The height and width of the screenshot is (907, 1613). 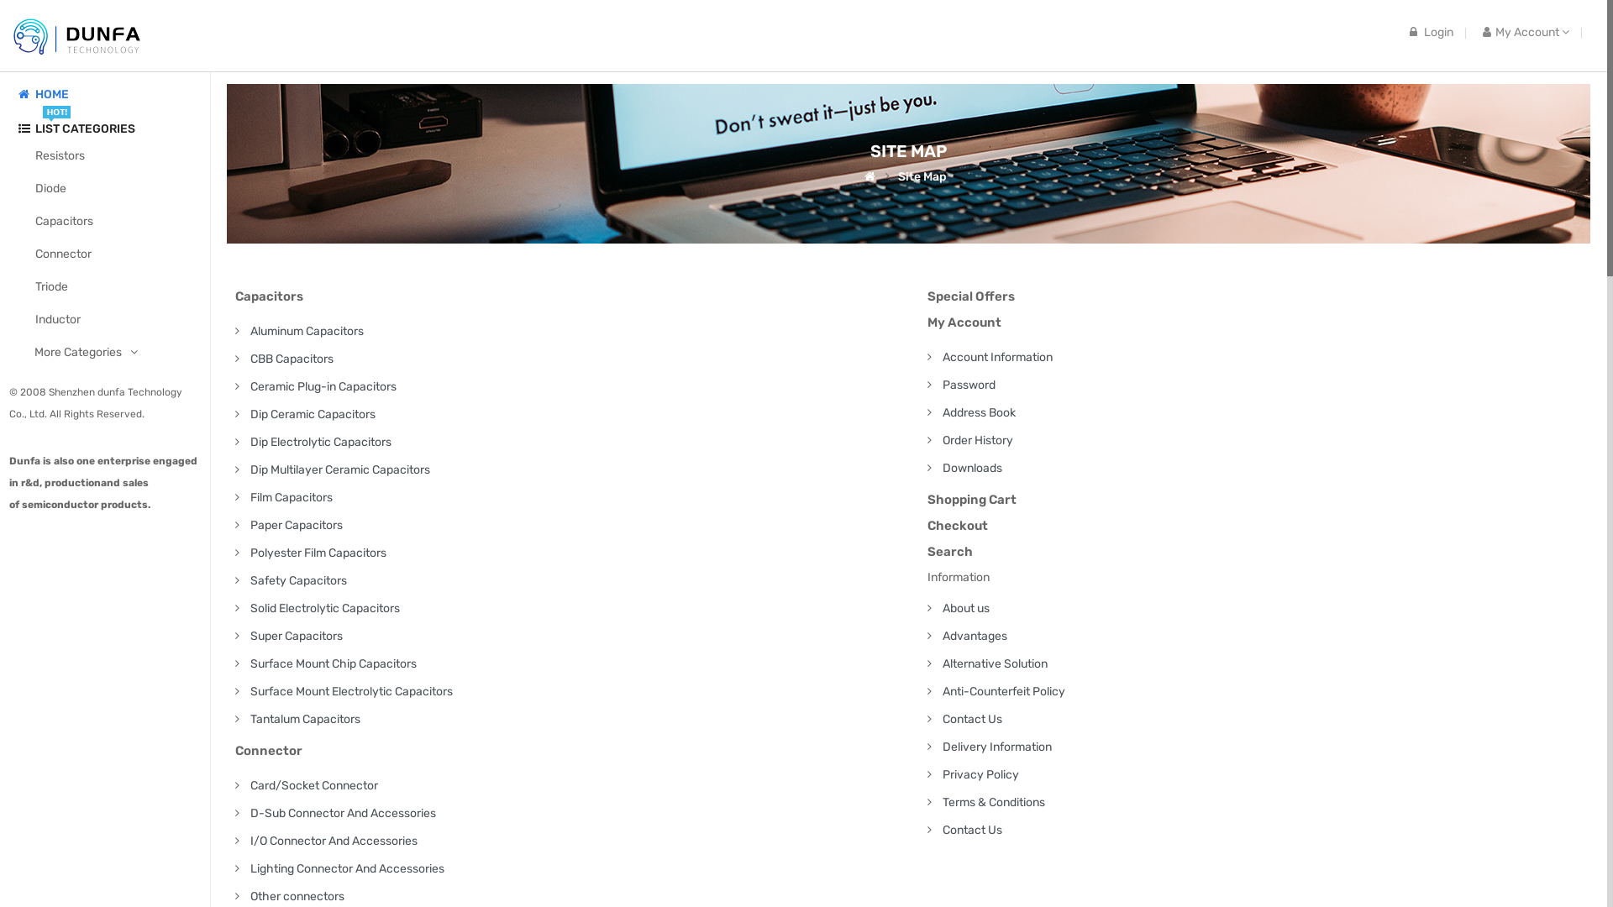 I want to click on 'Advantages', so click(x=975, y=636).